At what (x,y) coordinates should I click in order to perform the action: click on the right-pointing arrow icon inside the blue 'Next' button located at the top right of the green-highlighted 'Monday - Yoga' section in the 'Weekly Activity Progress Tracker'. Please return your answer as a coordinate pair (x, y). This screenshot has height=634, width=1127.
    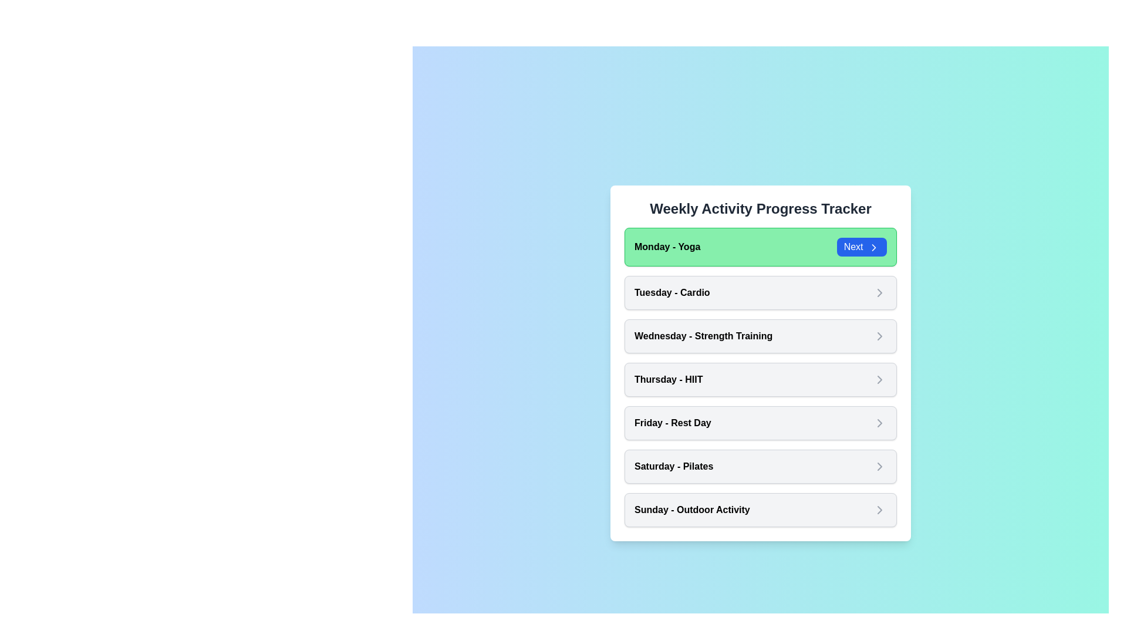
    Looking at the image, I should click on (873, 246).